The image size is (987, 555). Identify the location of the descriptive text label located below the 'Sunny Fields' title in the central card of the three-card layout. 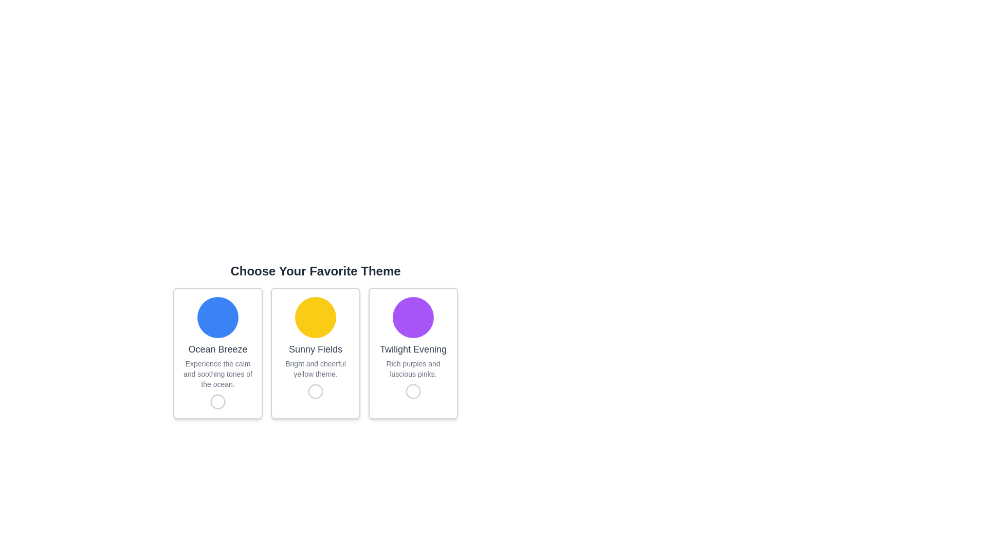
(315, 368).